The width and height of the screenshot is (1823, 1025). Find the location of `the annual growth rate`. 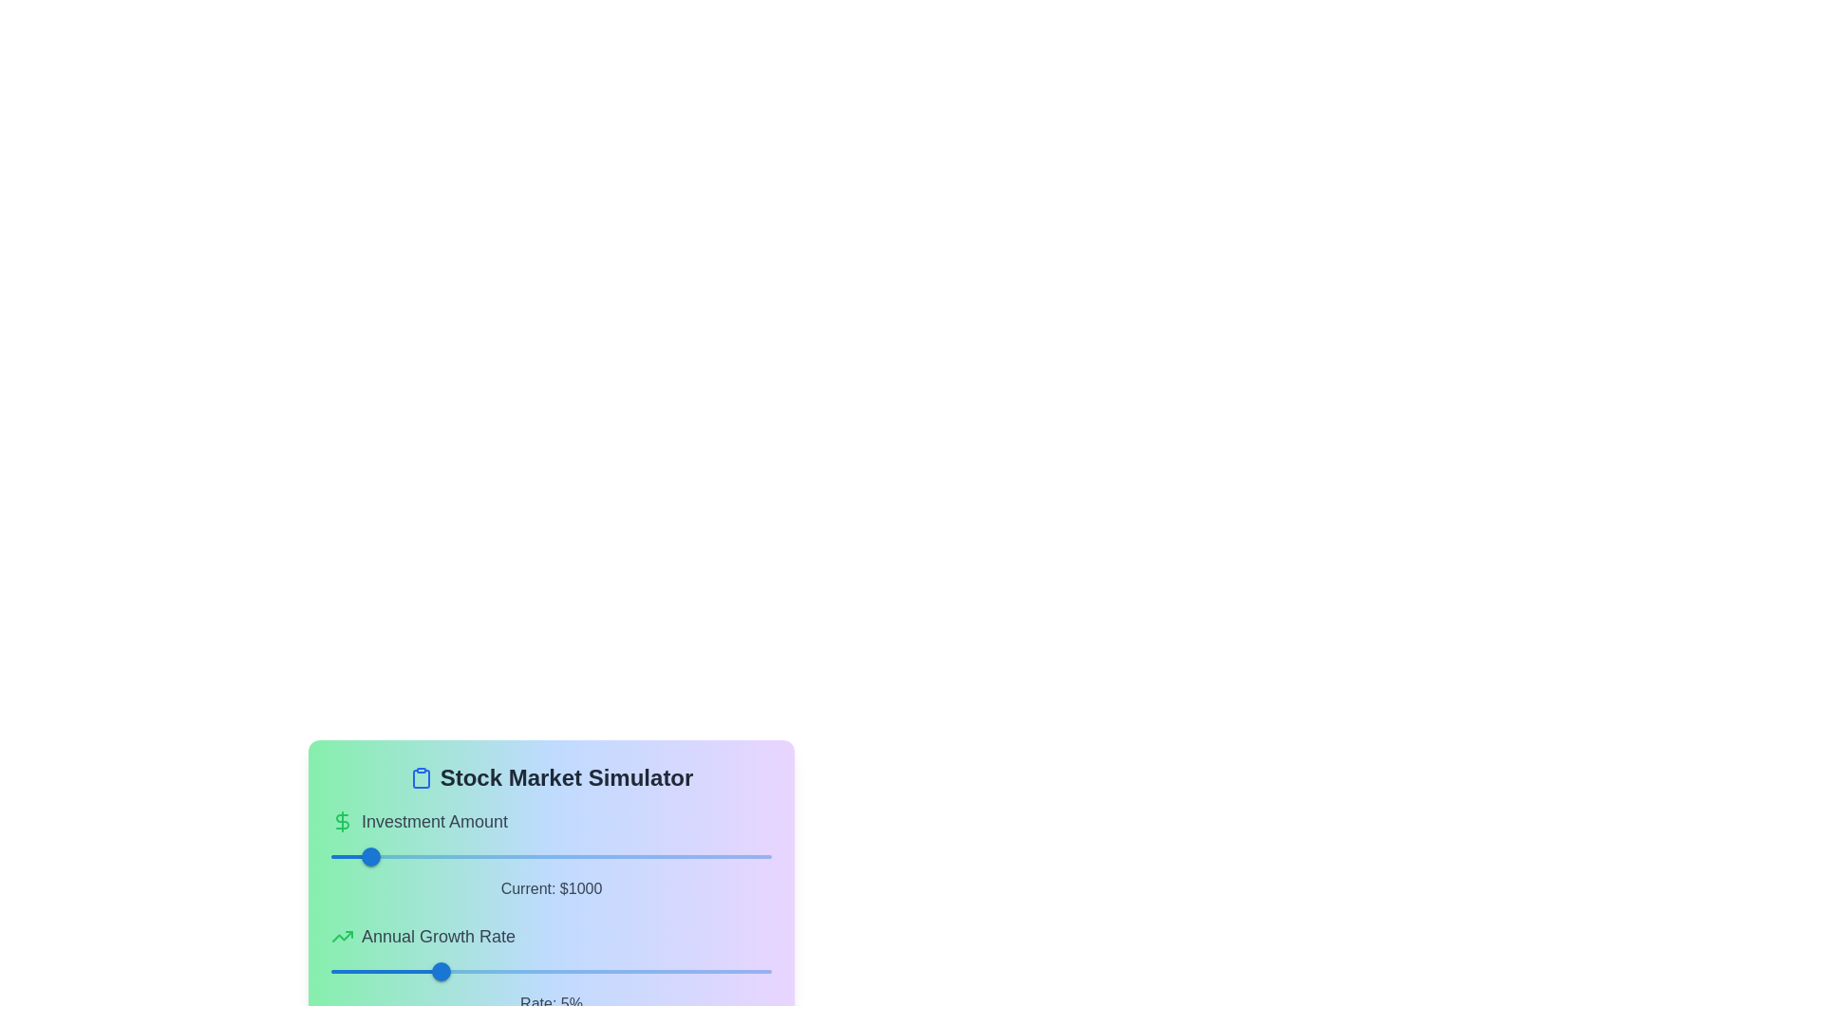

the annual growth rate is located at coordinates (767, 971).